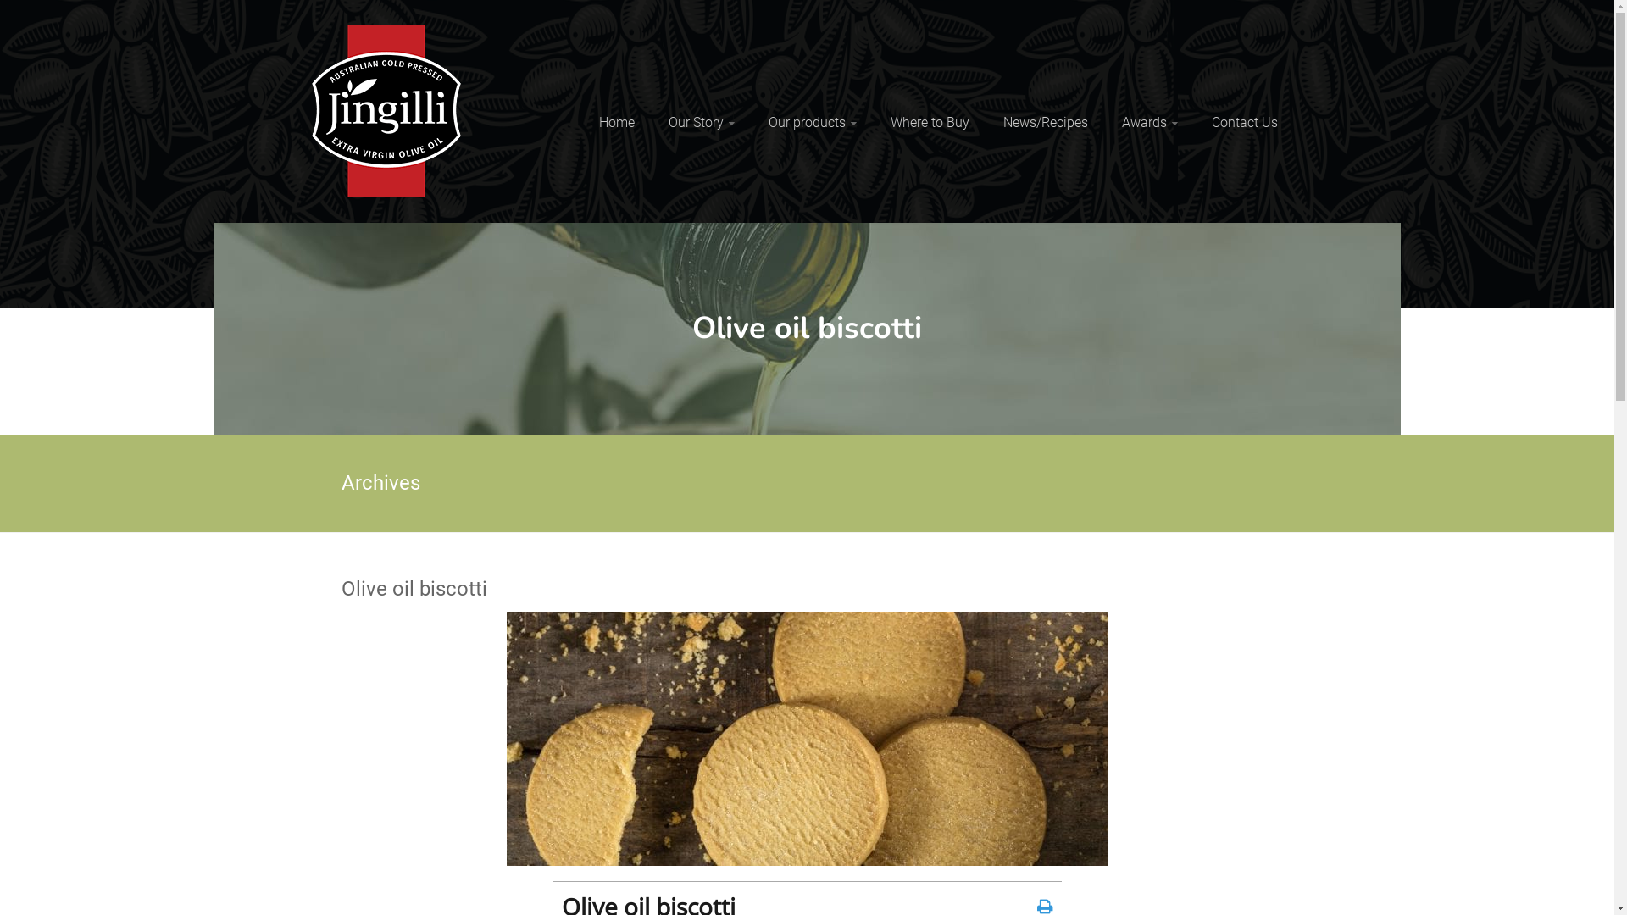 The image size is (1627, 915). I want to click on 'Contact Us', so click(1211, 122).